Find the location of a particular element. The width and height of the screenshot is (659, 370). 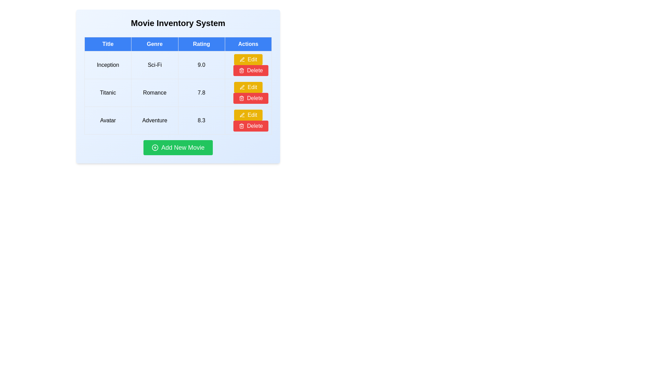

the text label displaying 'Inception' located in the top left cell under the 'Title' column in the data table is located at coordinates (107, 65).